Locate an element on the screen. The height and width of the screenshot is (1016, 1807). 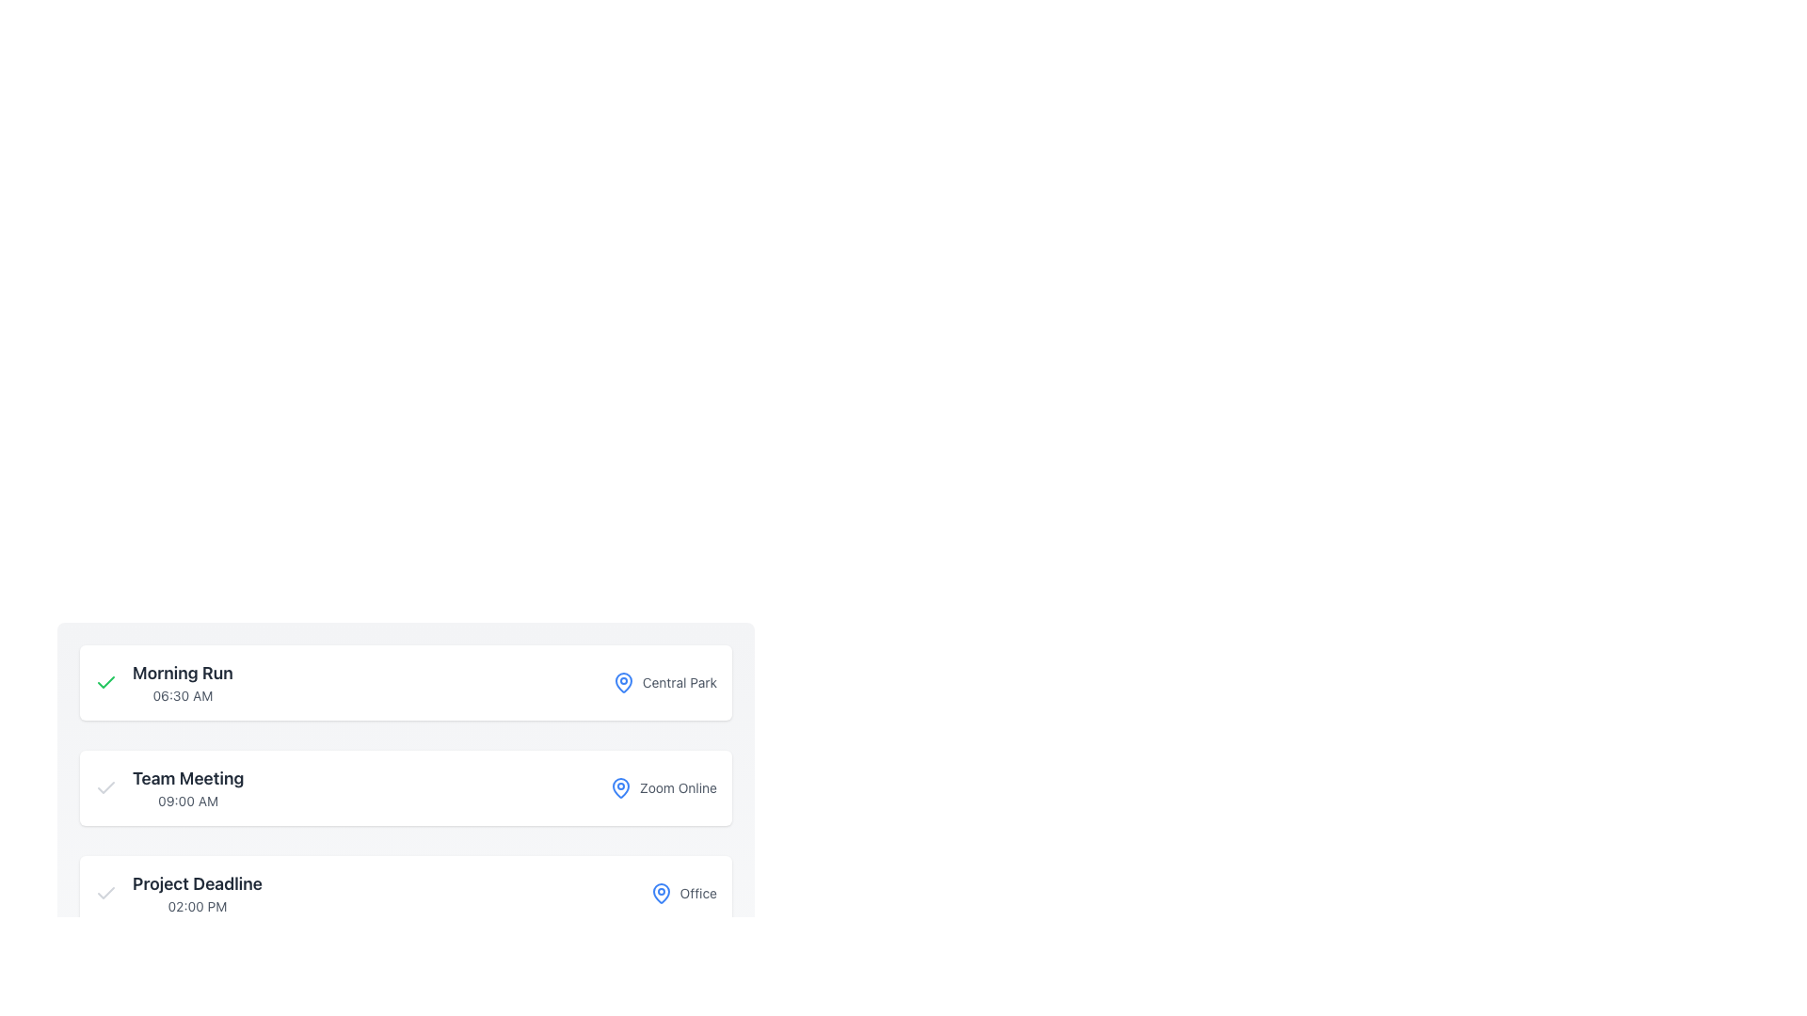
the informational label indicating the meeting platform, 'Zoom Online', which is positioned to the far right of the meeting entry following '09:00 AM' is located at coordinates (663, 787).